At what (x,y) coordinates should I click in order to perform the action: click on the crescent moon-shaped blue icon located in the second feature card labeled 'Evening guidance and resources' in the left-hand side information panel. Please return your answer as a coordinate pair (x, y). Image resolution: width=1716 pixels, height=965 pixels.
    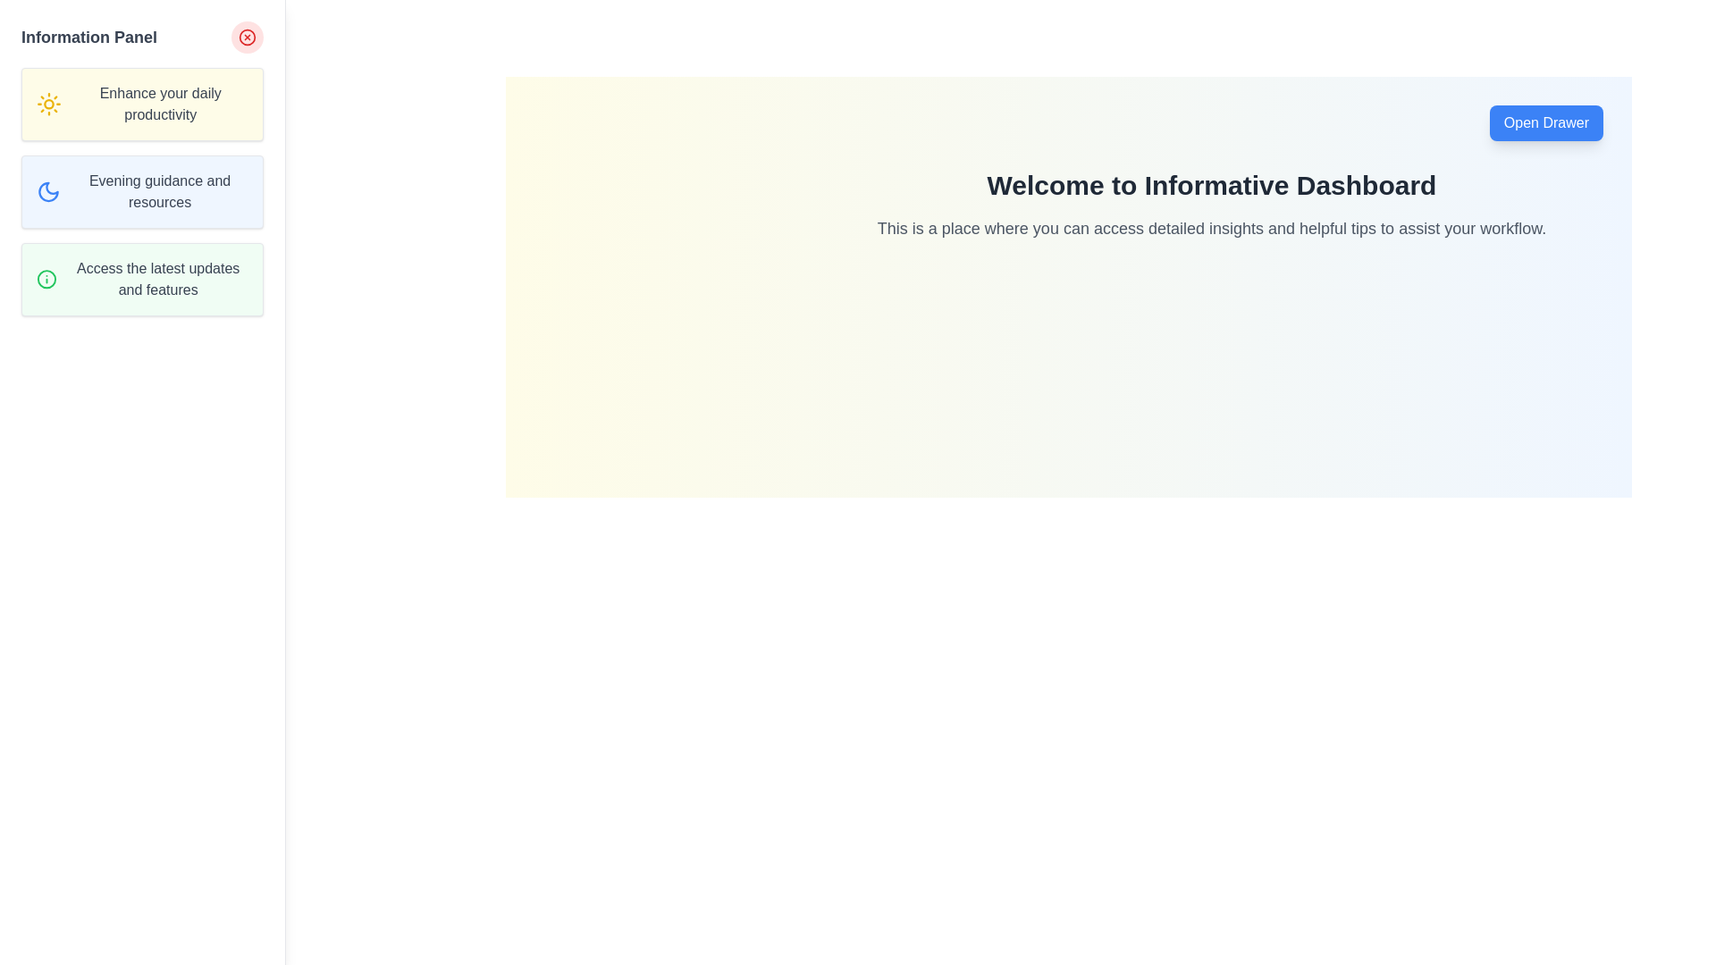
    Looking at the image, I should click on (48, 192).